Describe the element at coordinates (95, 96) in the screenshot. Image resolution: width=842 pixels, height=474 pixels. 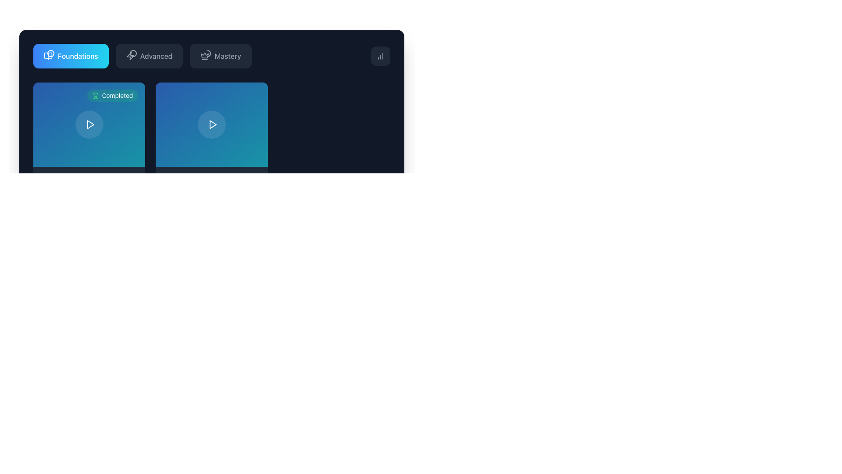
I see `the achievement icon within the green badge labeled 'Completed' located in the top-left corner of the first content block under the 'Foundations' tab for status indication` at that location.